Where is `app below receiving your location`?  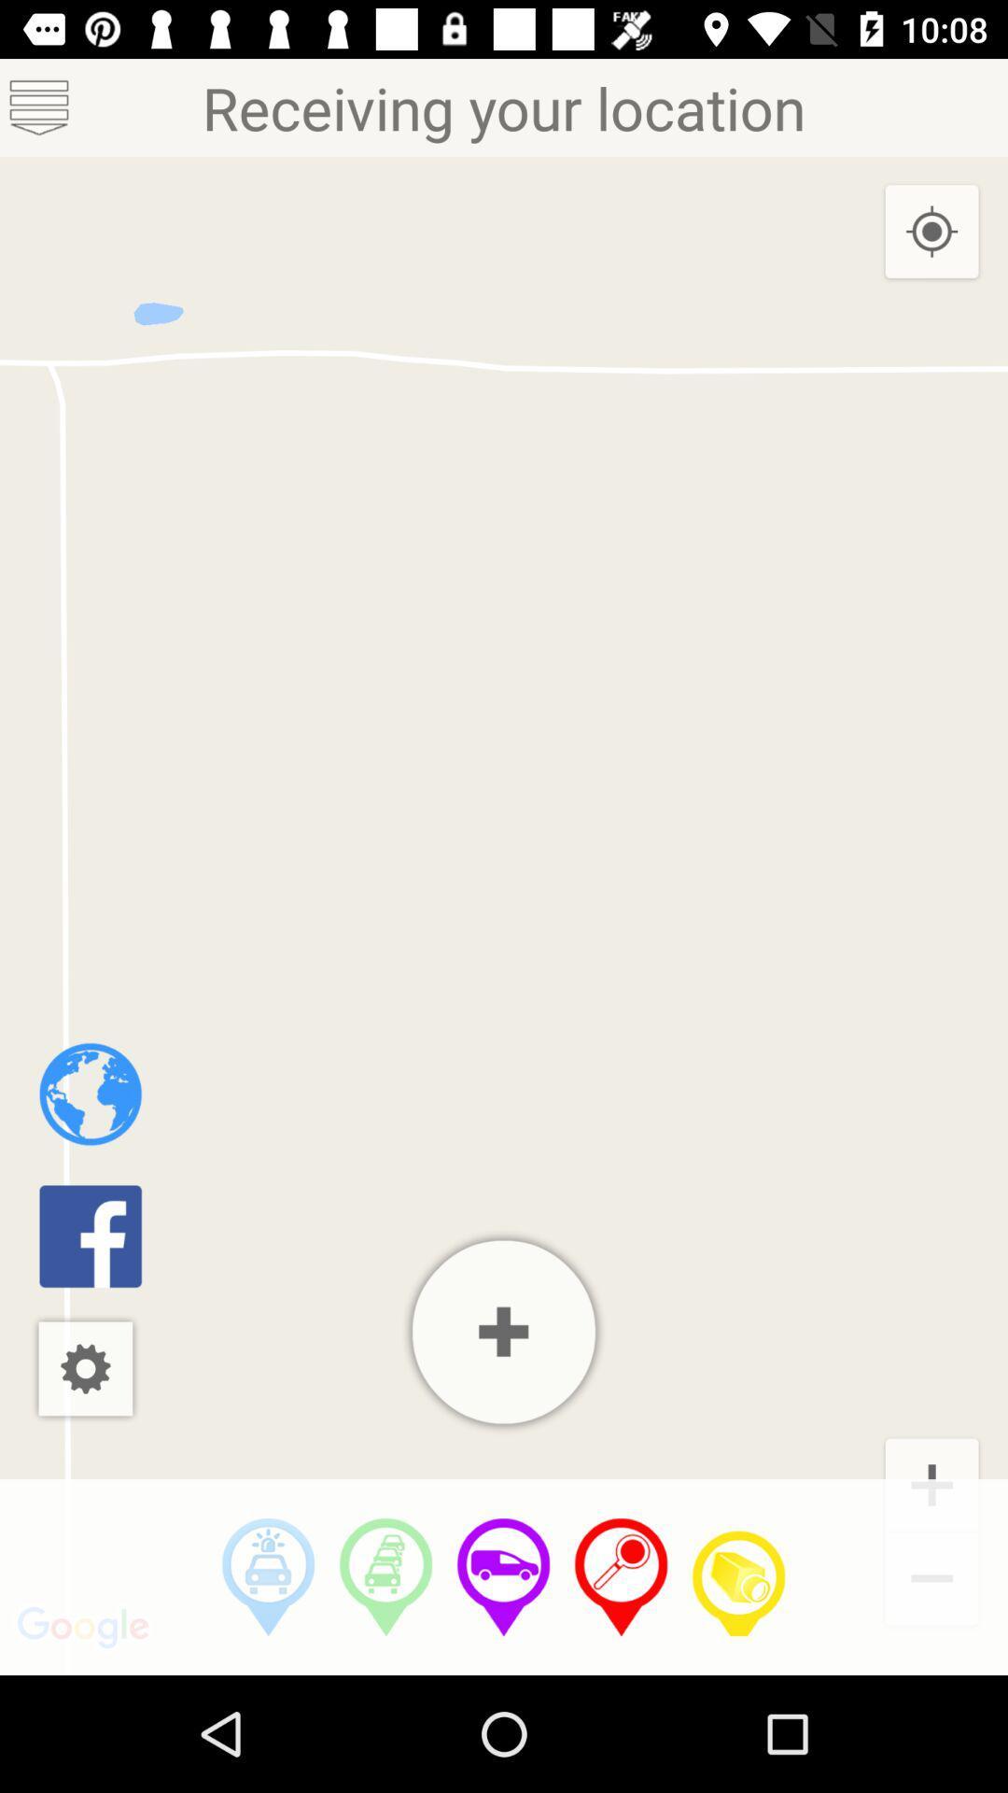 app below receiving your location is located at coordinates (504, 1331).